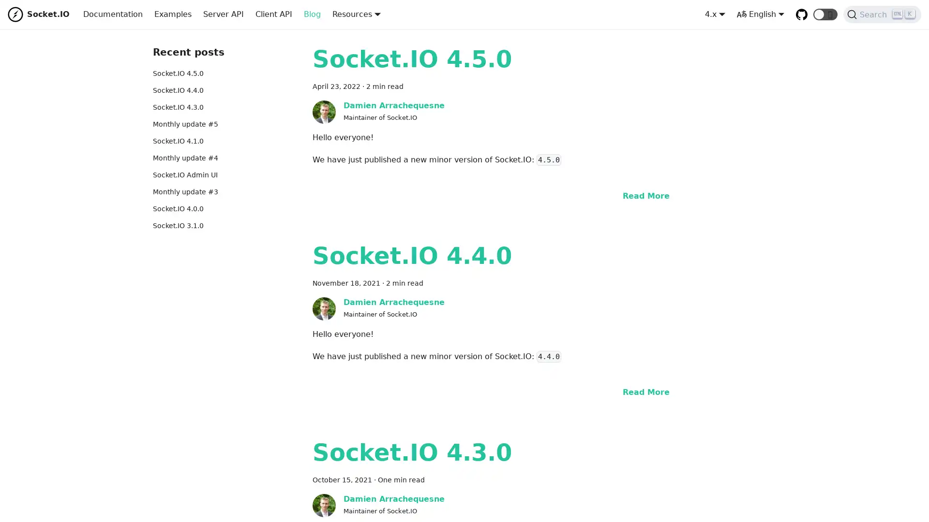  What do you see at coordinates (882, 14) in the screenshot?
I see `Search` at bounding box center [882, 14].